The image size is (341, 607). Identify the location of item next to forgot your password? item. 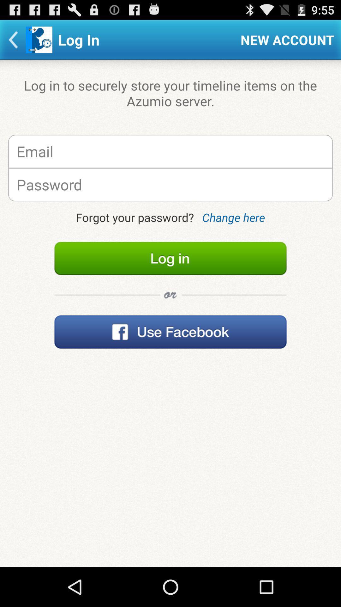
(233, 217).